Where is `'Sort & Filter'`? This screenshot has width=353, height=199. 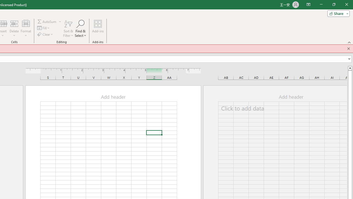
'Sort & Filter' is located at coordinates (68, 28).